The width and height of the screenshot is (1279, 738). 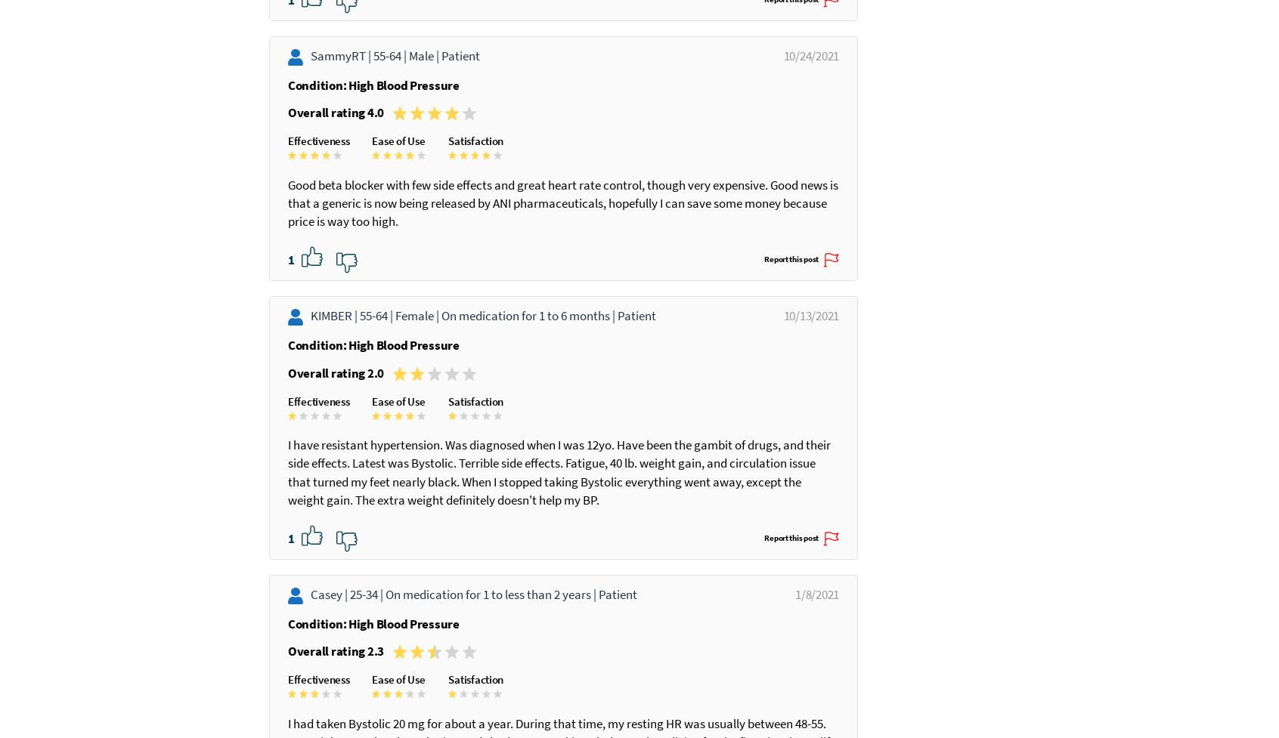 I want to click on '10/13/2021', so click(x=763, y=352).